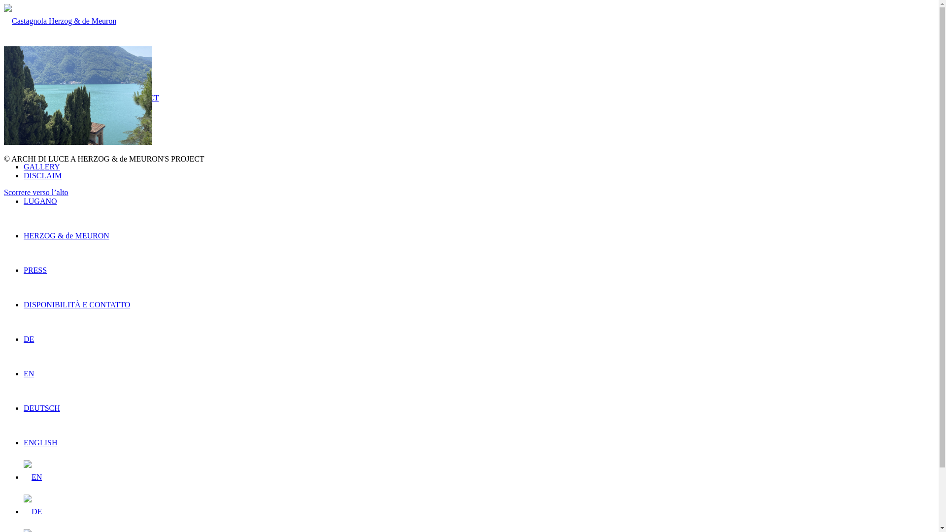  I want to click on 'CONCETTO', so click(44, 132).